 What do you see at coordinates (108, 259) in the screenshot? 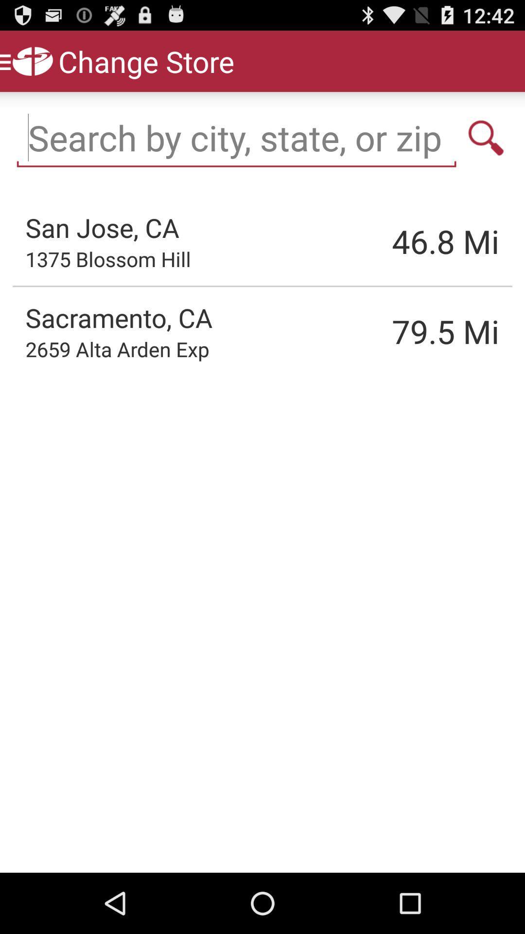
I see `icon above the sacramento, ca` at bounding box center [108, 259].